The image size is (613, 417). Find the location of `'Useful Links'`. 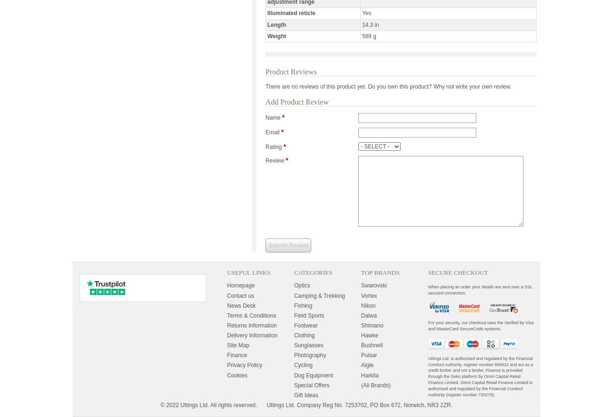

'Useful Links' is located at coordinates (226, 272).